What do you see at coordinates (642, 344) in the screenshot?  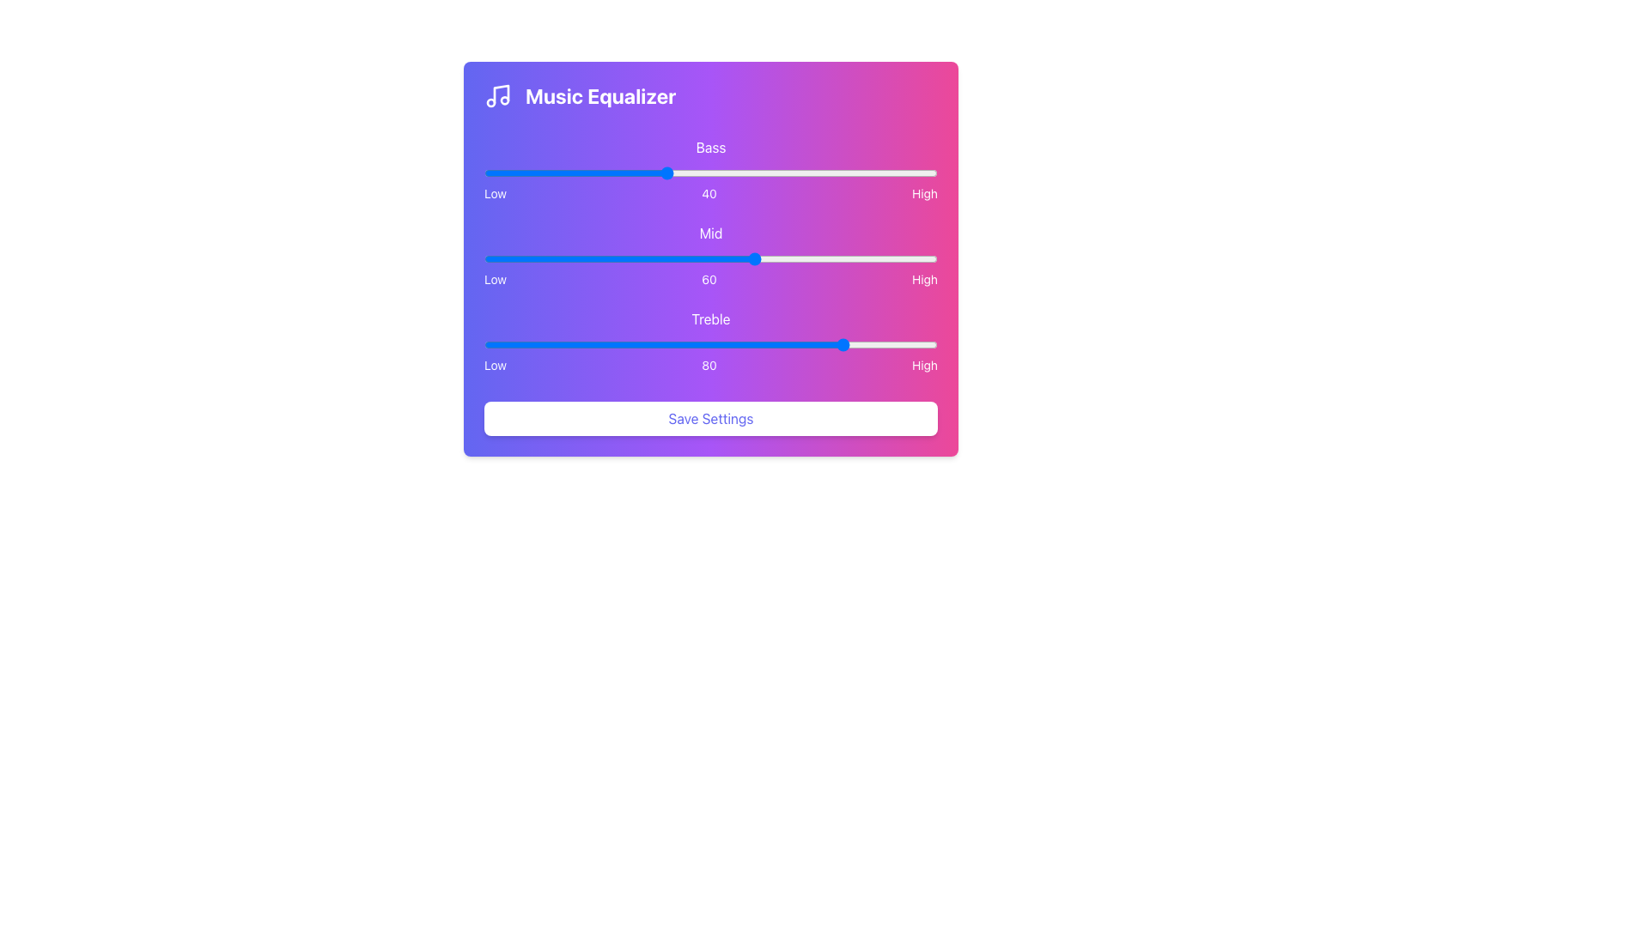 I see `the treble level` at bounding box center [642, 344].